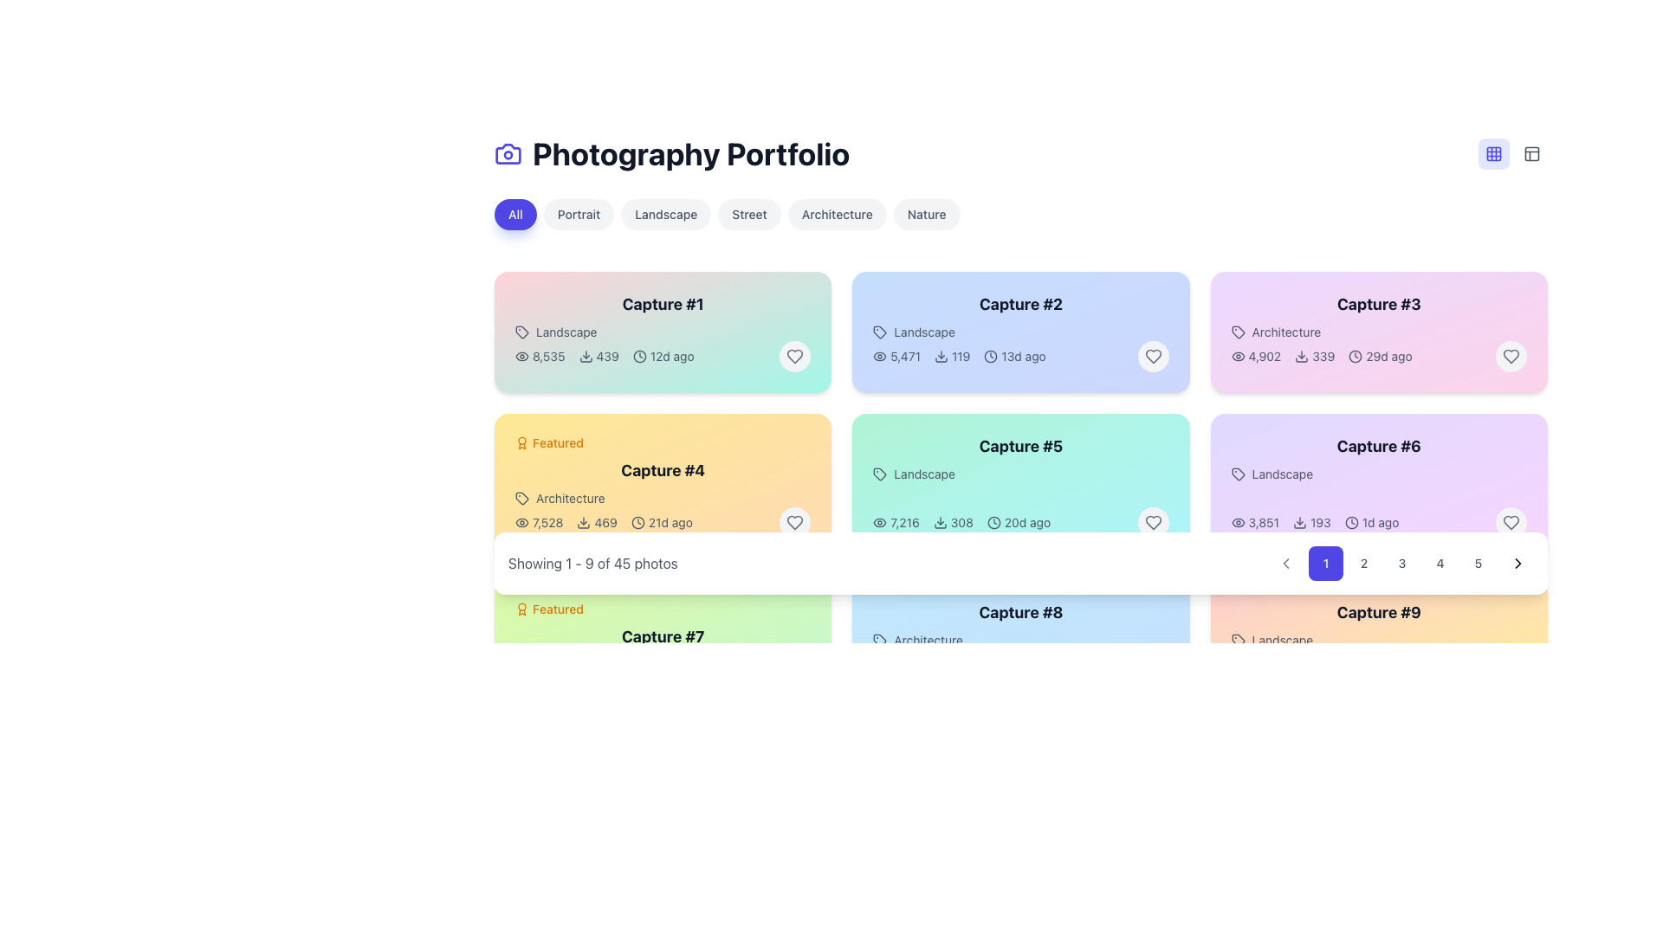 Image resolution: width=1663 pixels, height=935 pixels. What do you see at coordinates (604, 522) in the screenshot?
I see `informational text and icons located in the lower part of the card labeled 'Capture #4', which includes numerical and time data along with various icons` at bounding box center [604, 522].